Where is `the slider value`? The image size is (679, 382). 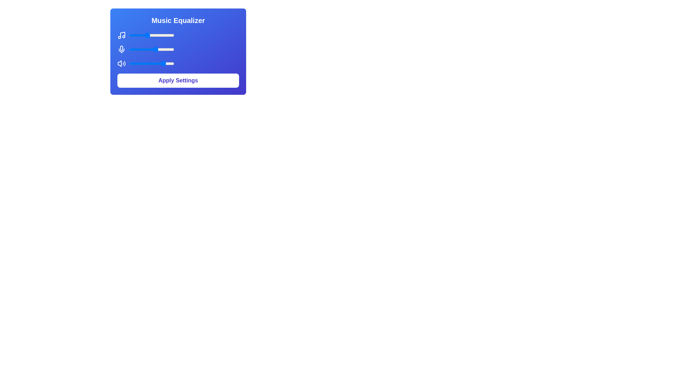 the slider value is located at coordinates (148, 49).